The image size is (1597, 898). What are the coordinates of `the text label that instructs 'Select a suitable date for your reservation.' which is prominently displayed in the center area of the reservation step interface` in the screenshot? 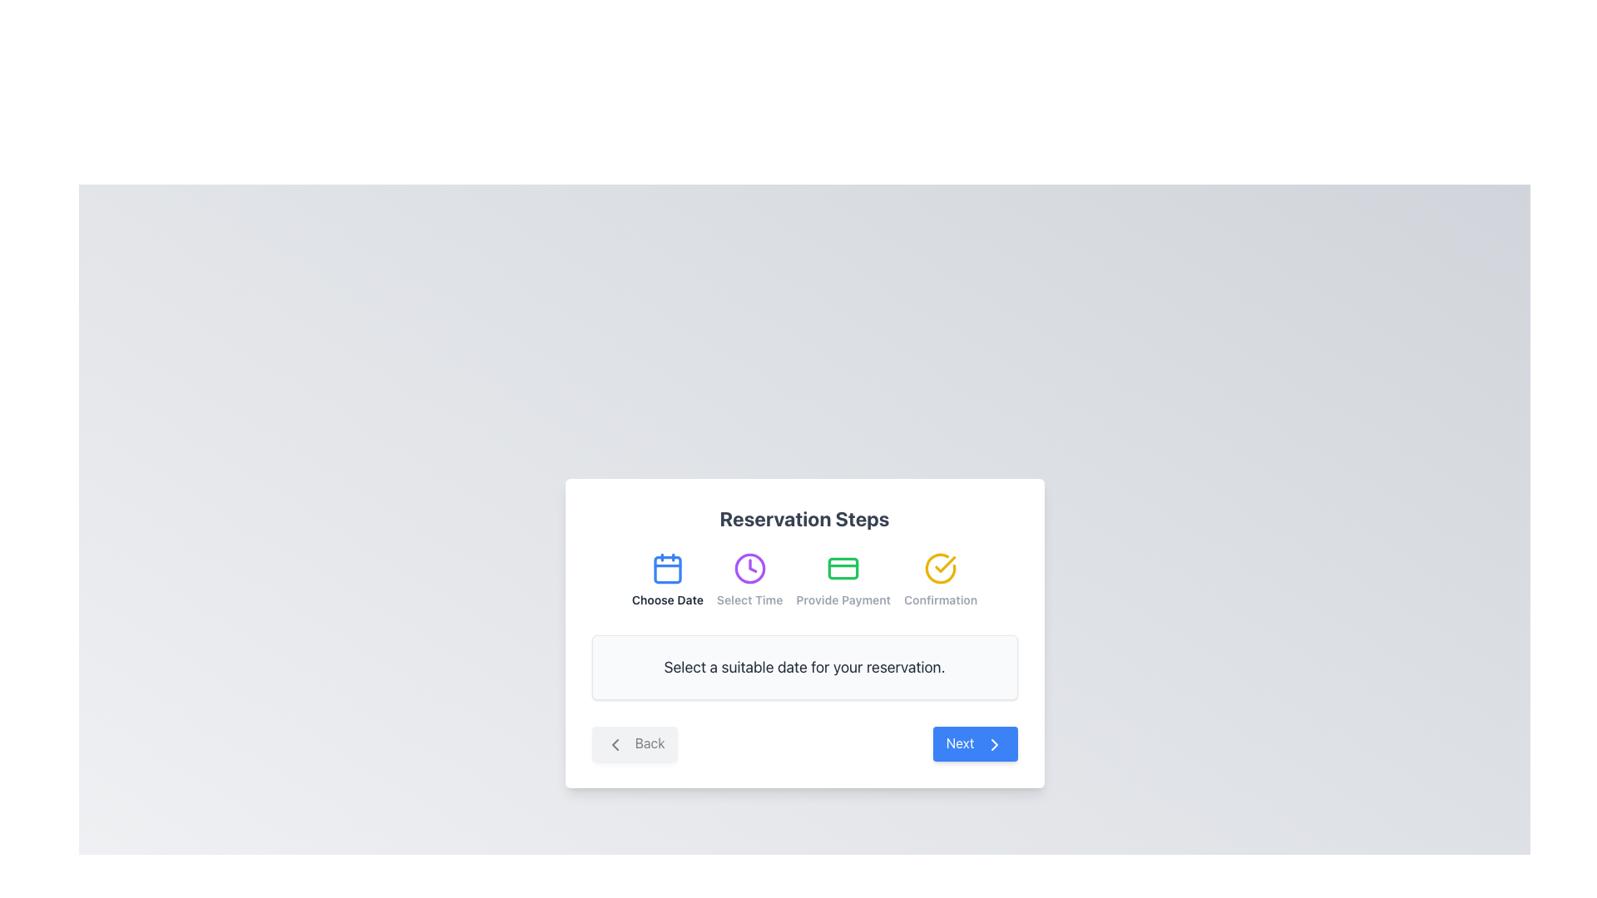 It's located at (804, 667).